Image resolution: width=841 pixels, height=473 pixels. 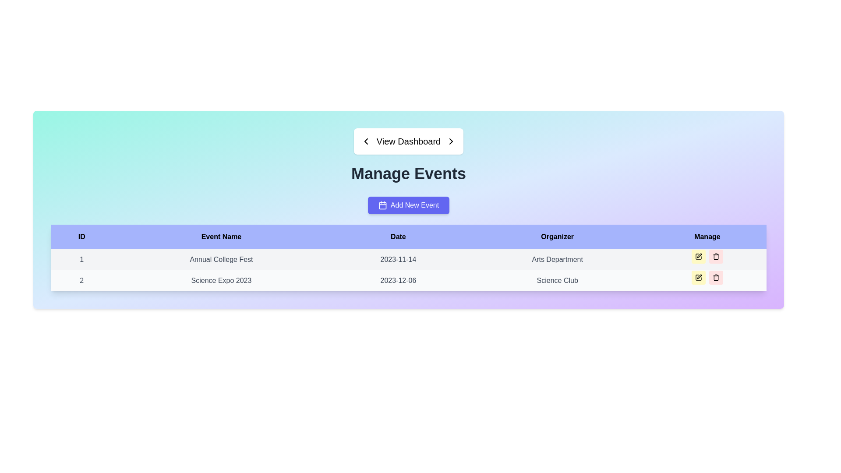 What do you see at coordinates (408, 205) in the screenshot?
I see `the indigo-colored button labeled 'Add New Event' with a calendar icon, located below the 'Manage Events' heading` at bounding box center [408, 205].